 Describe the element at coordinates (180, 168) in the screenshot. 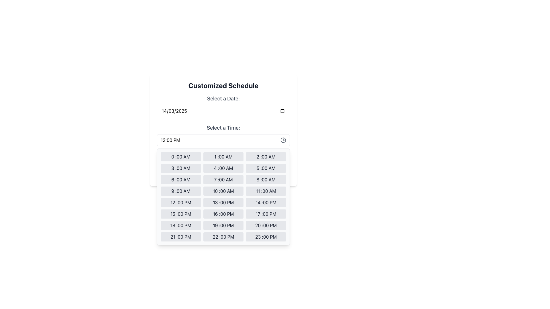

I see `the rectangular button labeled '3 :00 AM'` at that location.